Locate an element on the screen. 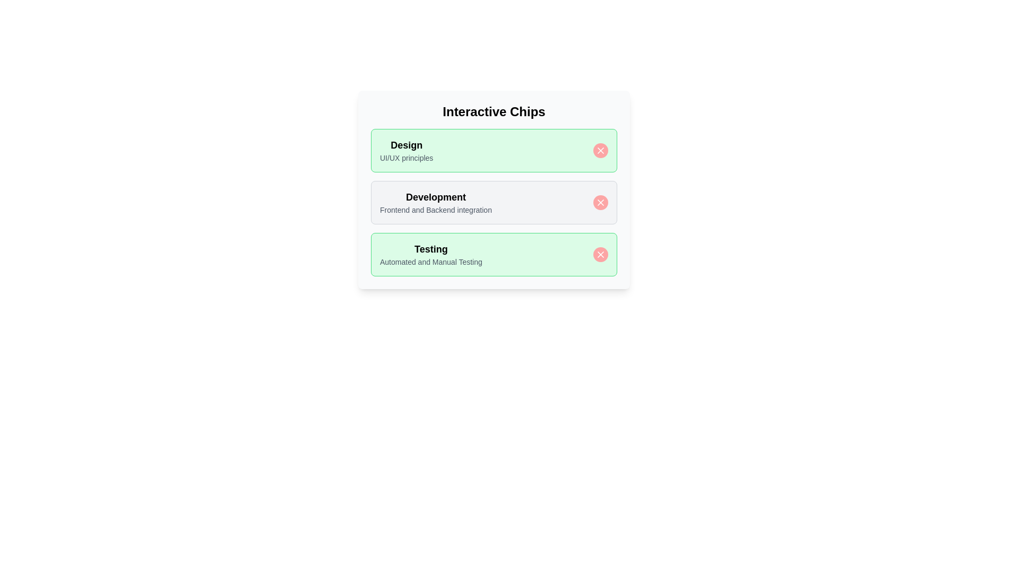 The image size is (1019, 573). the chip labeled Testing by clicking it is located at coordinates (494, 254).